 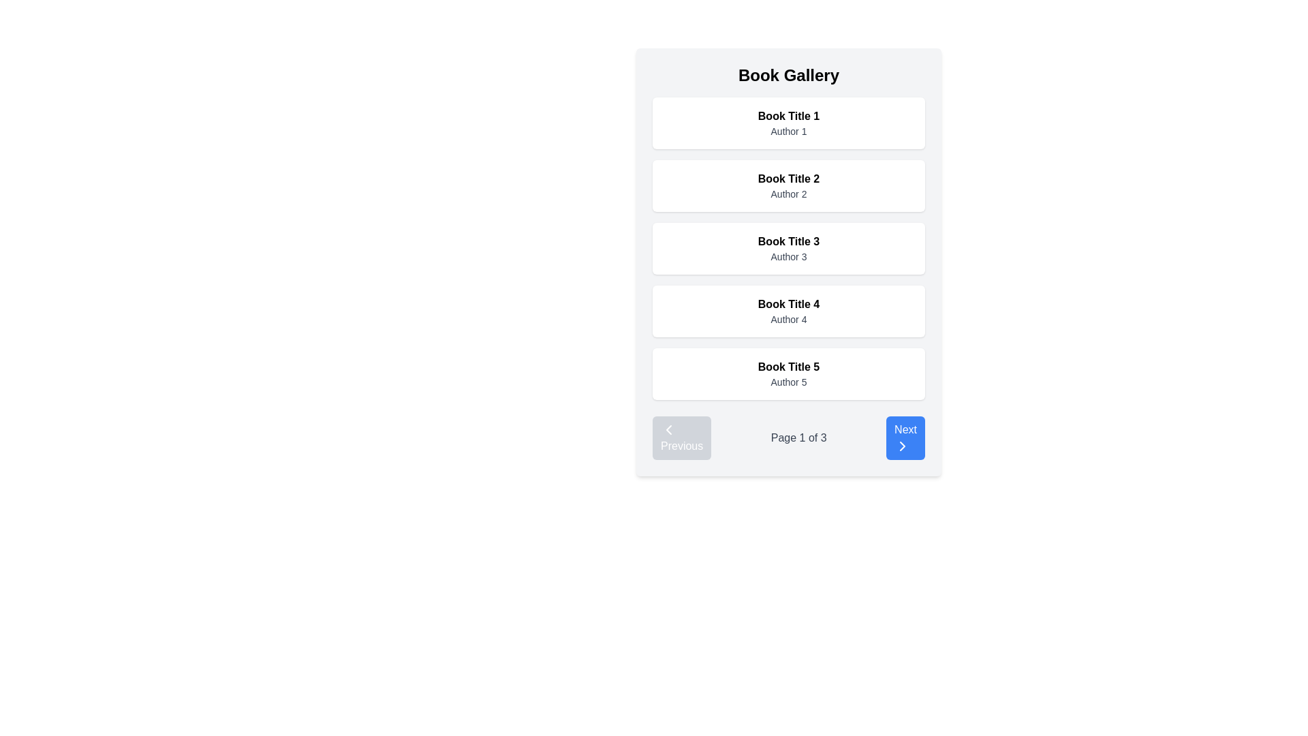 I want to click on the 'Next' button, which has white text on a blue background and a chevron-right icon, so click(x=905, y=438).